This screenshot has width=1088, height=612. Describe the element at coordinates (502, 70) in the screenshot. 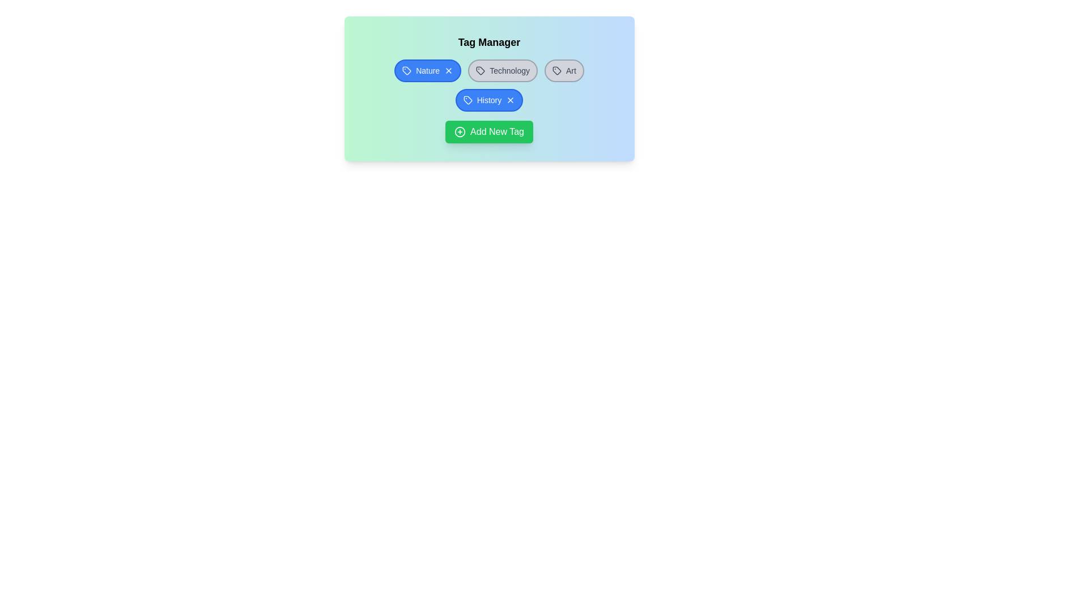

I see `the tag labeled Technology to toggle its selection` at that location.